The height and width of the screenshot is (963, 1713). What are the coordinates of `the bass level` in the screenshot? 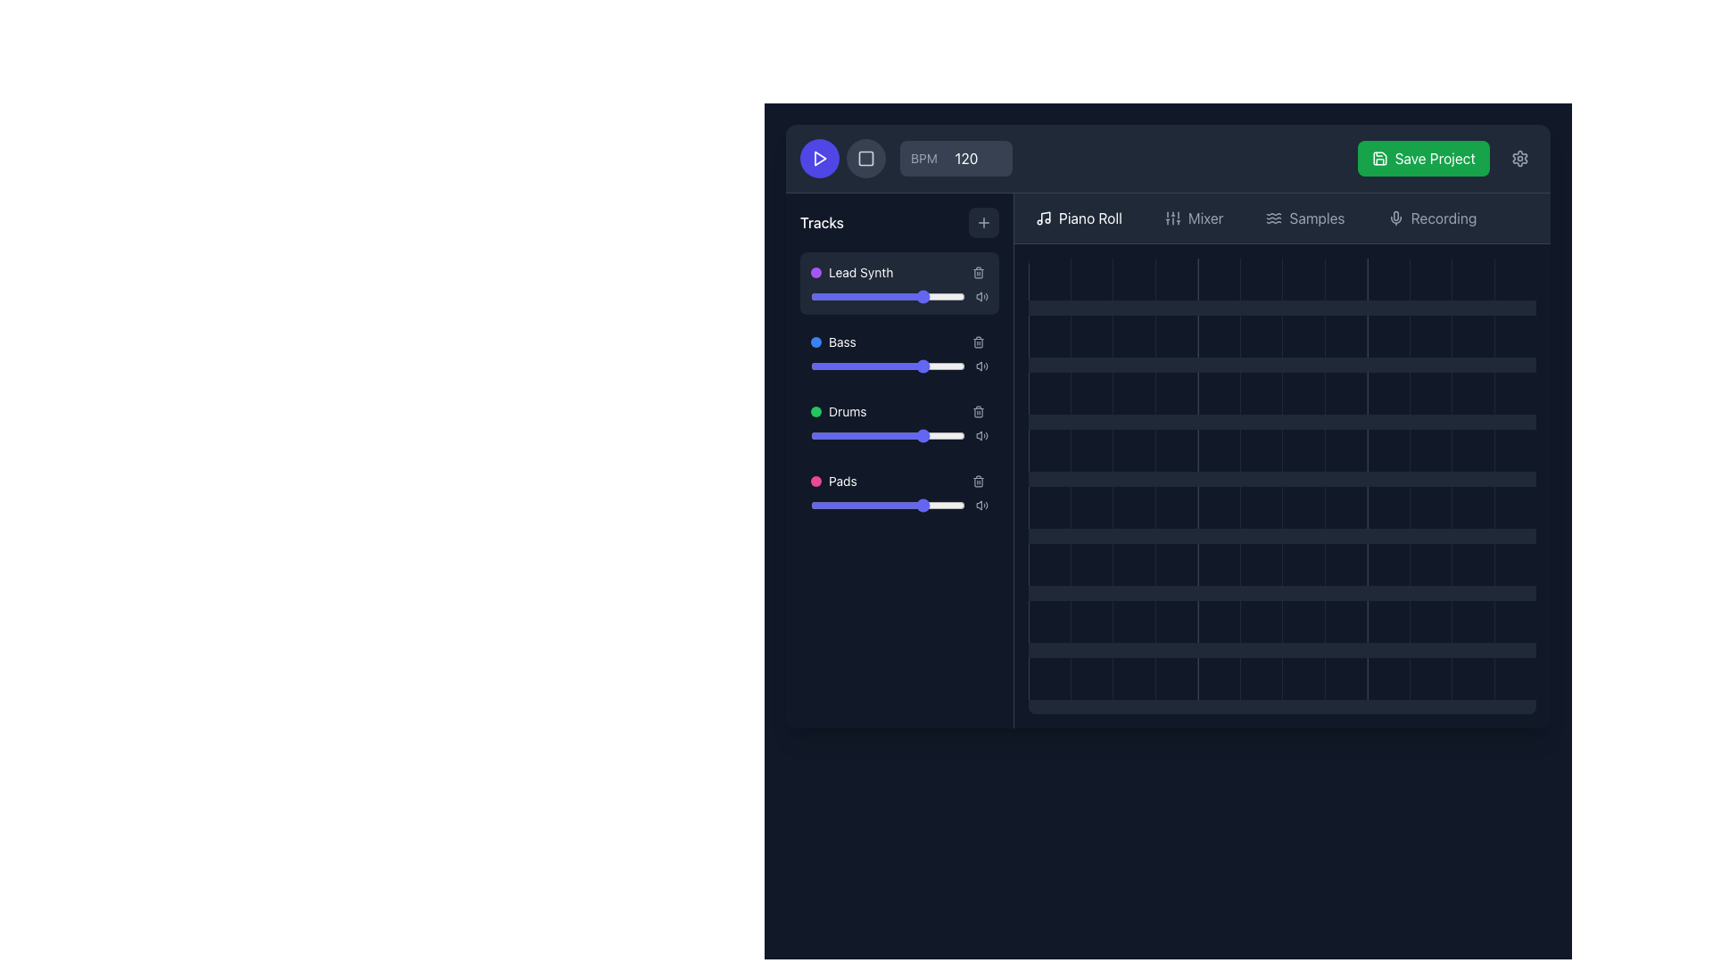 It's located at (923, 366).